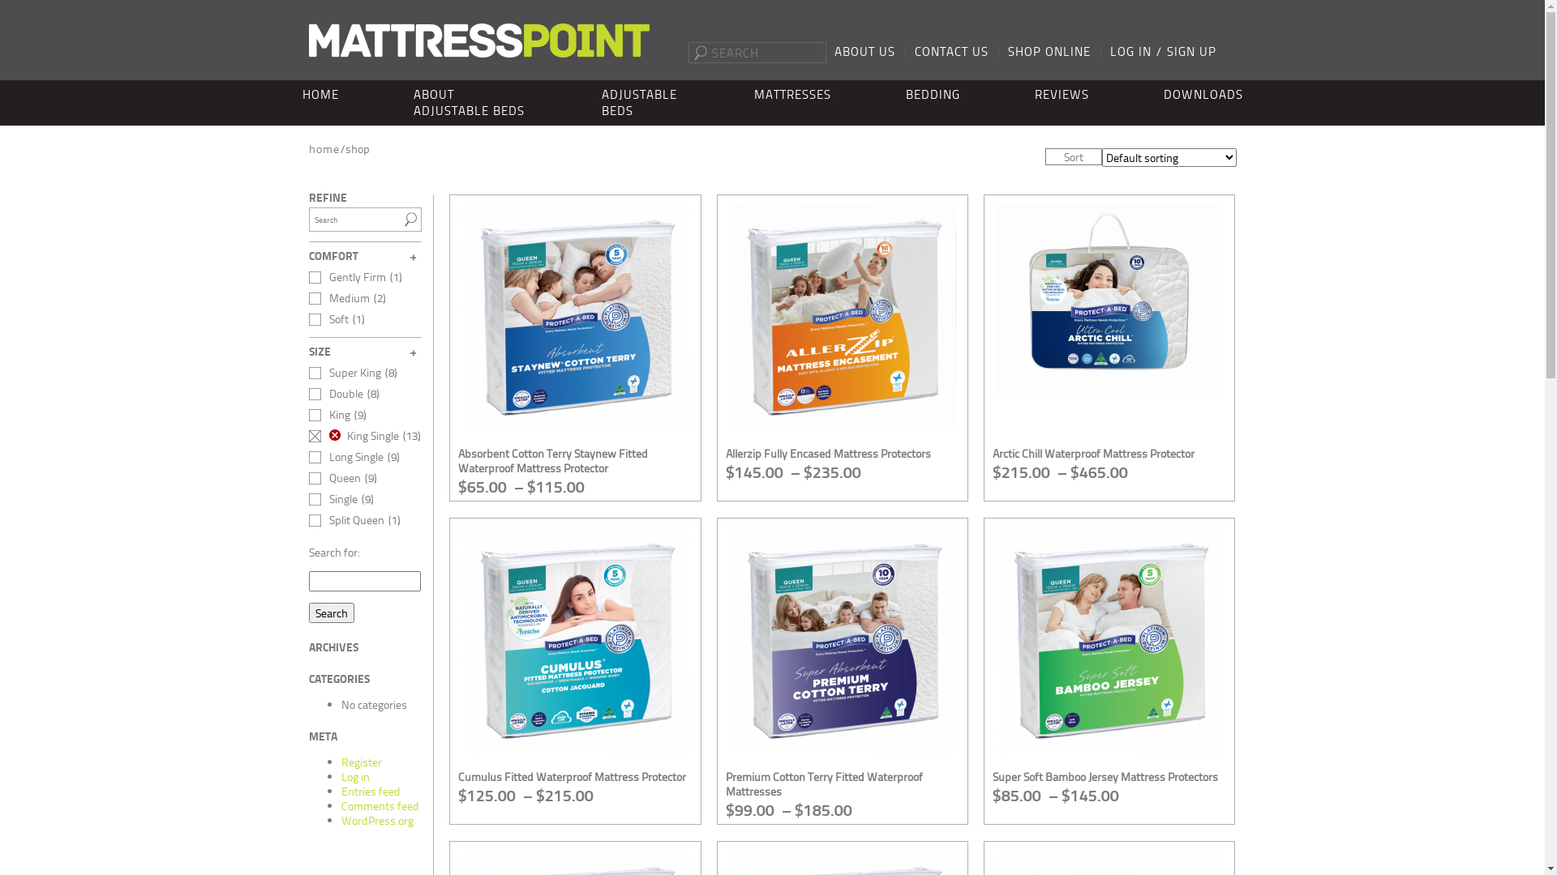 The width and height of the screenshot is (1557, 875). What do you see at coordinates (333, 477) in the screenshot?
I see `'Queen'` at bounding box center [333, 477].